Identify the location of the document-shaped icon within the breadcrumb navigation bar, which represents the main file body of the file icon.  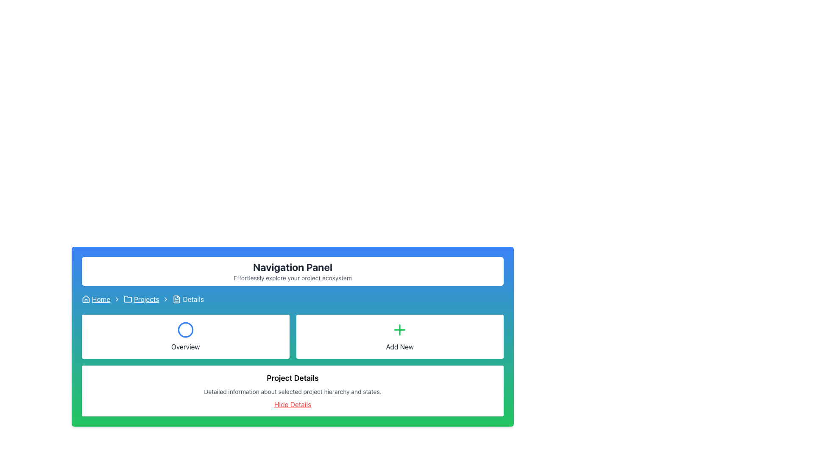
(176, 299).